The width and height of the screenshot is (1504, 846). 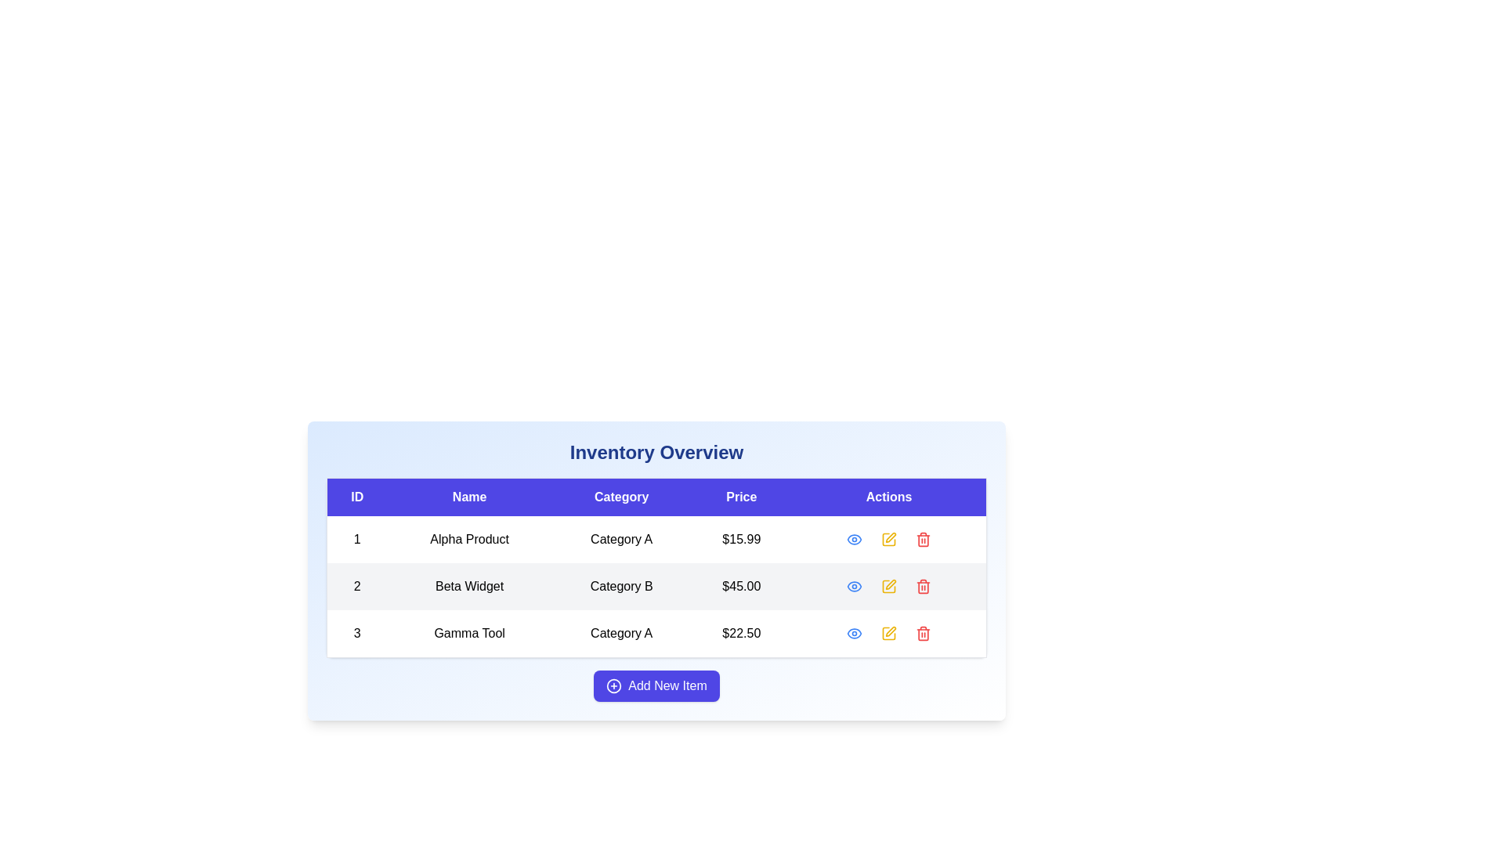 What do you see at coordinates (888, 539) in the screenshot?
I see `the editing button located in the 'Actions' column of the third row in the table for the 'Gamma Tool' item` at bounding box center [888, 539].